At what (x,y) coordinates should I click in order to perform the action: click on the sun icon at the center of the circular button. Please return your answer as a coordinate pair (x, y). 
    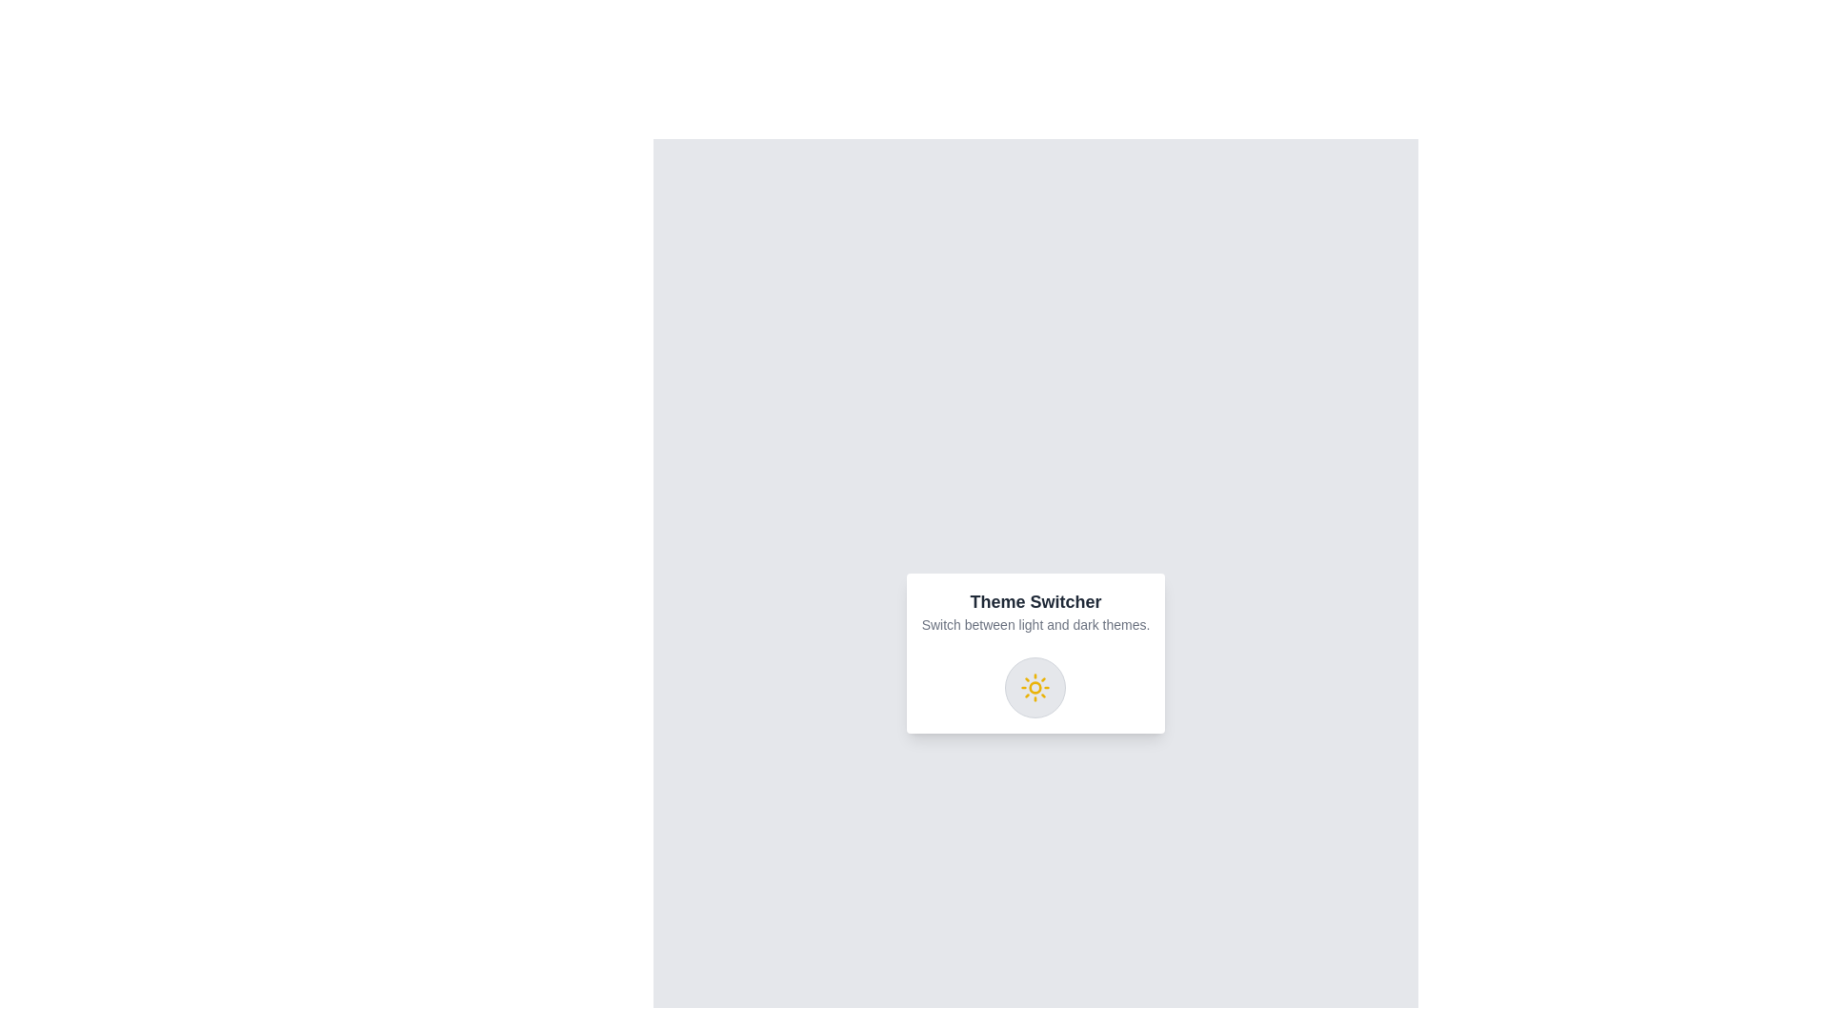
    Looking at the image, I should click on (1035, 687).